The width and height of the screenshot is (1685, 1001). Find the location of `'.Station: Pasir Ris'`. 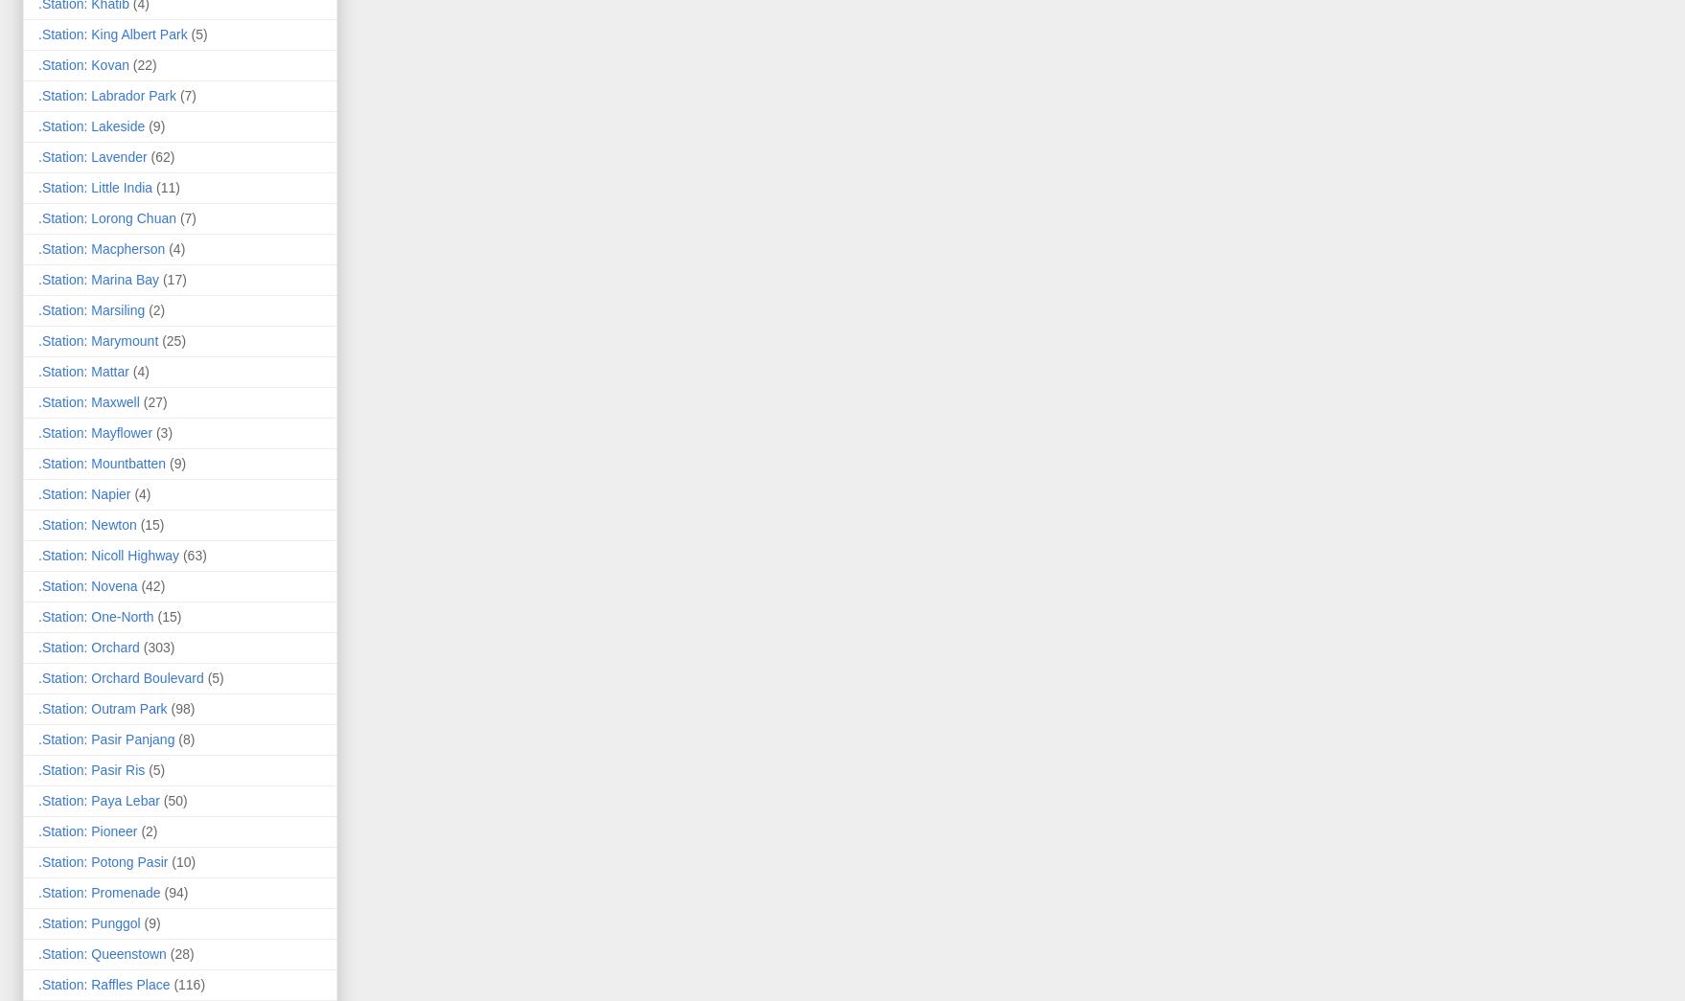

'.Station: Pasir Ris' is located at coordinates (91, 768).